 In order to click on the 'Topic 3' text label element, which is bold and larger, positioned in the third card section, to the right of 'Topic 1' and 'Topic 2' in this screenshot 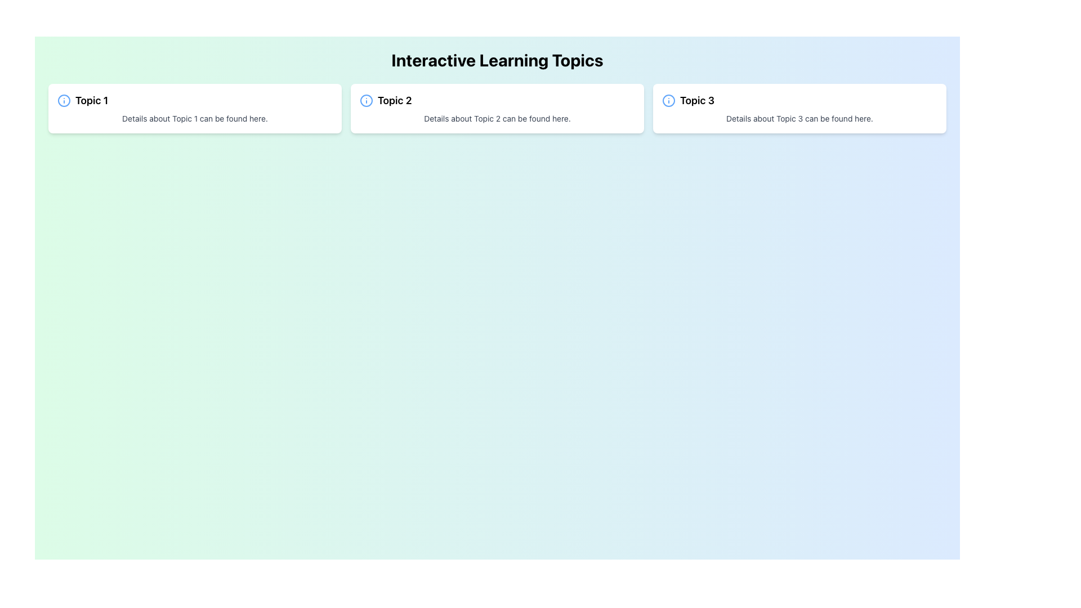, I will do `click(696, 100)`.